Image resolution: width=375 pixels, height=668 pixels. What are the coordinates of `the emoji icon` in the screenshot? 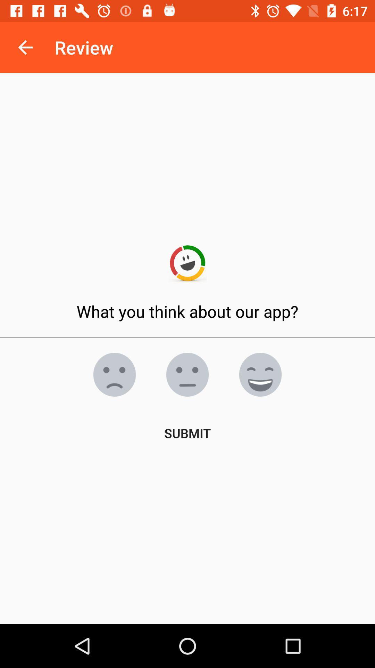 It's located at (114, 374).